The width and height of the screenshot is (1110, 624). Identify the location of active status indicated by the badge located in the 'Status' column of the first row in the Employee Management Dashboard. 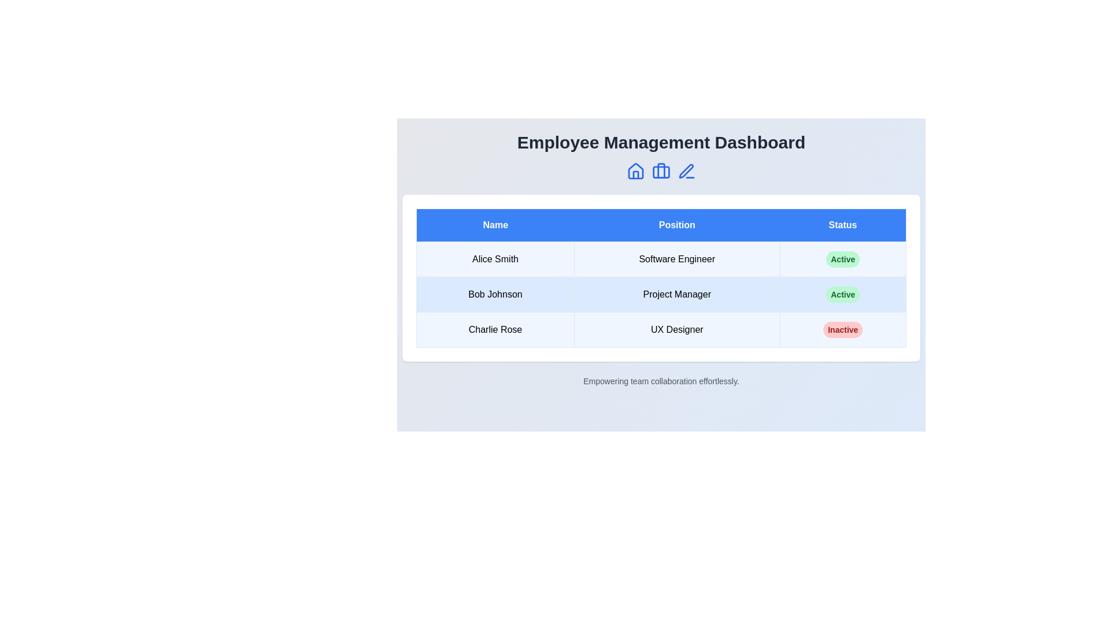
(843, 258).